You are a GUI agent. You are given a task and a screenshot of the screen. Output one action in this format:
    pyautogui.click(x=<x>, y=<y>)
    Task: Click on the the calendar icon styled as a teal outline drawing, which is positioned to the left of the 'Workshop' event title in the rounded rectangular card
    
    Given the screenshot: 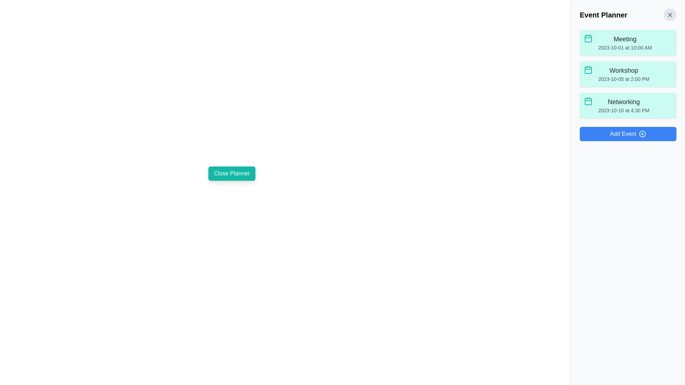 What is the action you would take?
    pyautogui.click(x=588, y=70)
    